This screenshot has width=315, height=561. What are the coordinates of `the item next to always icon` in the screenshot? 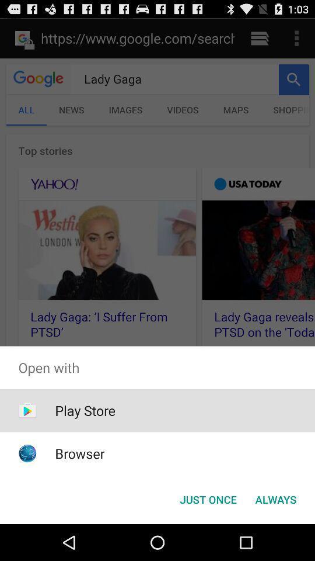 It's located at (208, 498).